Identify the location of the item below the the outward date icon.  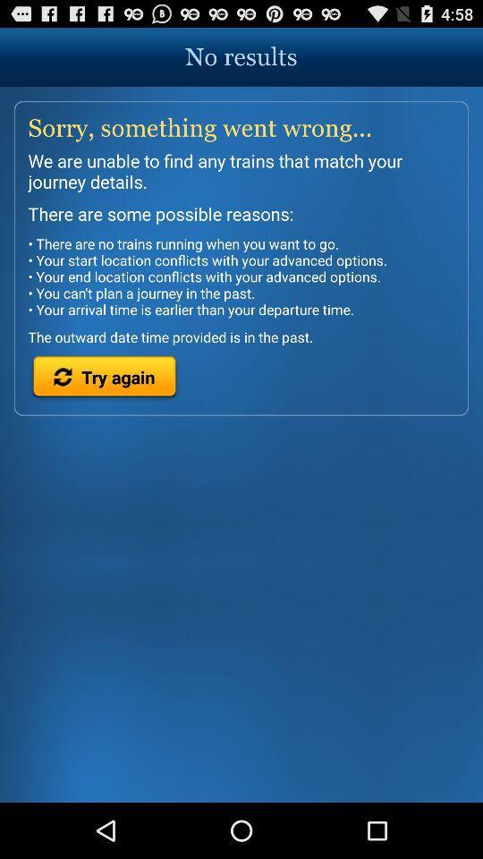
(105, 379).